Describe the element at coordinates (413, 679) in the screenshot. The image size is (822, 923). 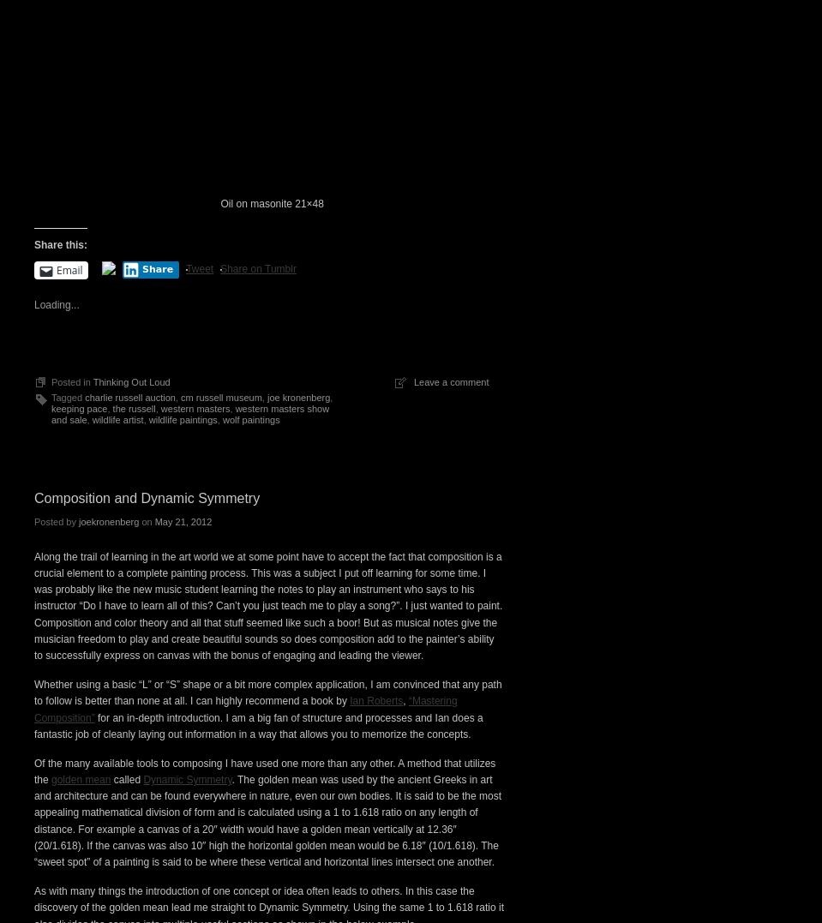
I see `'Leave a comment'` at that location.